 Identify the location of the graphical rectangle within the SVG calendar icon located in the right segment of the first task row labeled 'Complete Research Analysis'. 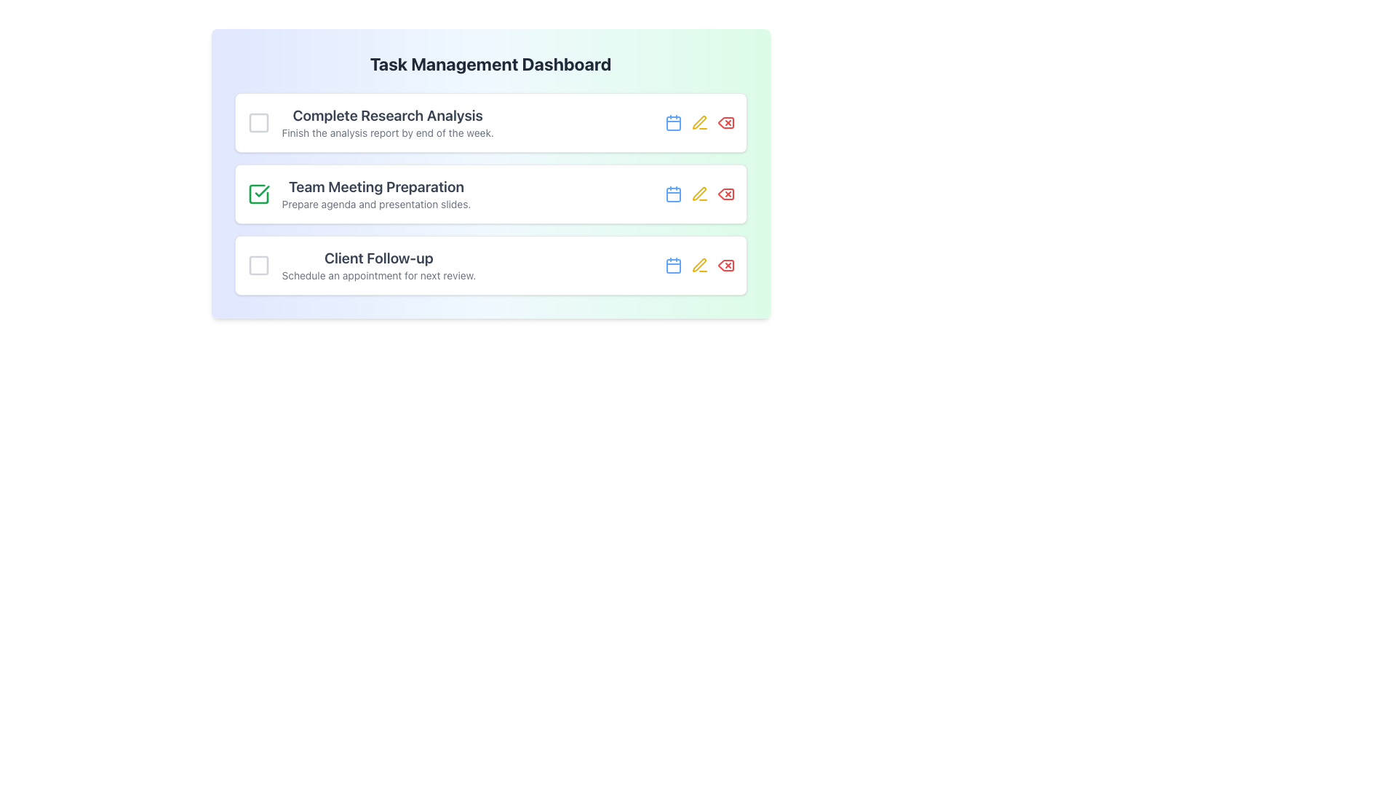
(672, 122).